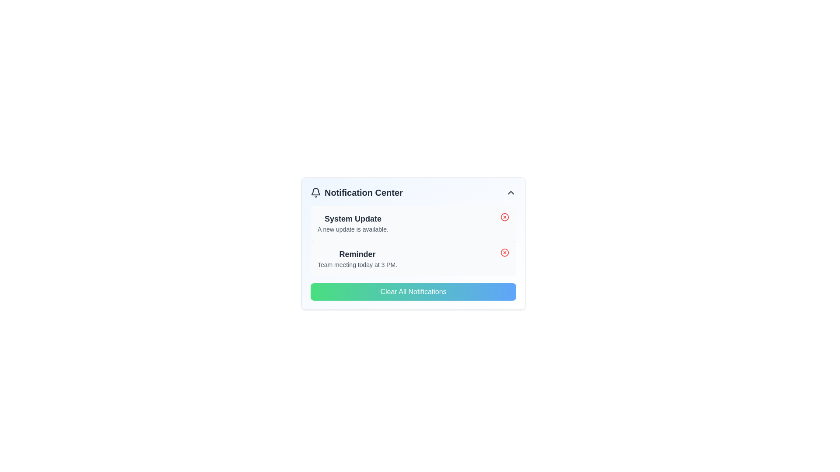 The width and height of the screenshot is (840, 472). I want to click on the upward-pointing chevron icon in the top-right corner of the Notification Center header, so click(511, 192).